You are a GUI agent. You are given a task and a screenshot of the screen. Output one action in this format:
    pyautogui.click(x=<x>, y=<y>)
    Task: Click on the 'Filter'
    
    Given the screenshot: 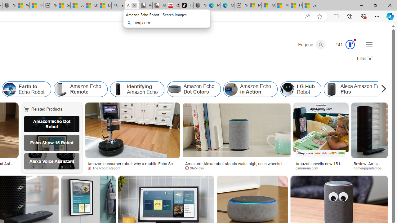 What is the action you would take?
    pyautogui.click(x=364, y=59)
    